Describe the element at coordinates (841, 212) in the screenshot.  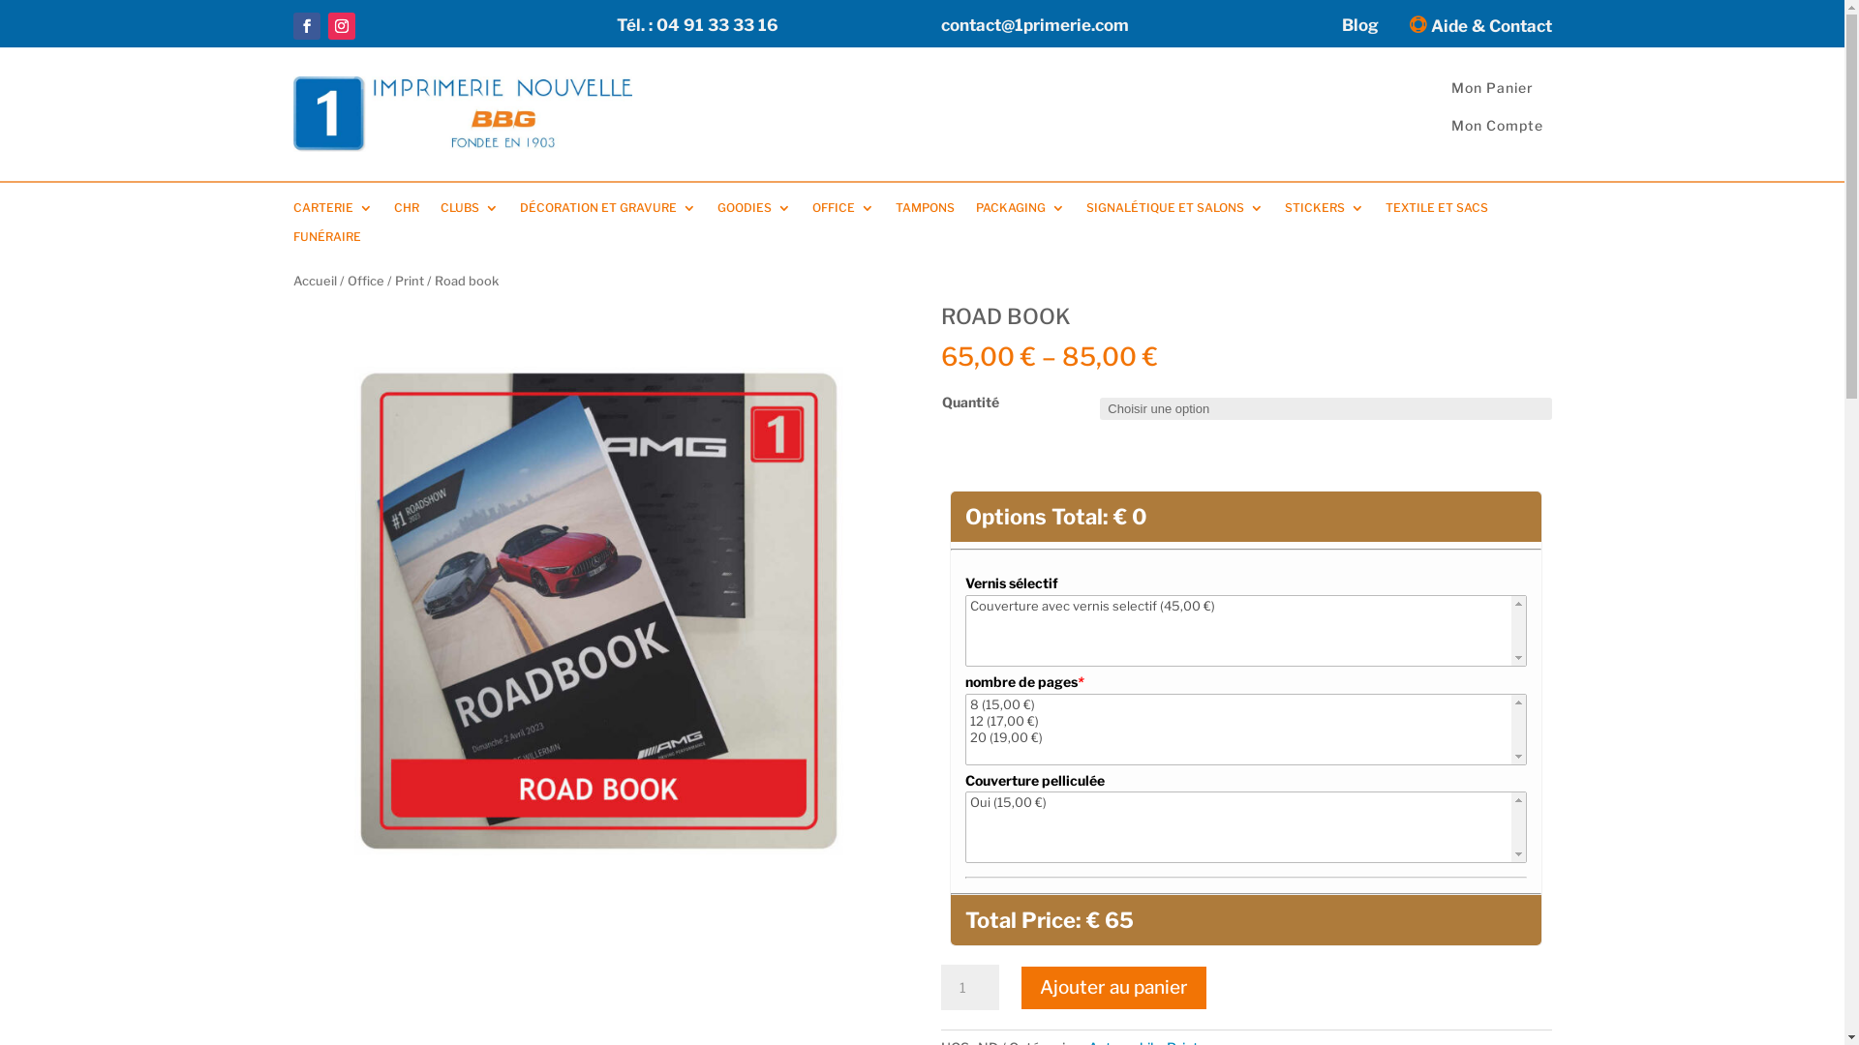
I see `'OFFICE'` at that location.